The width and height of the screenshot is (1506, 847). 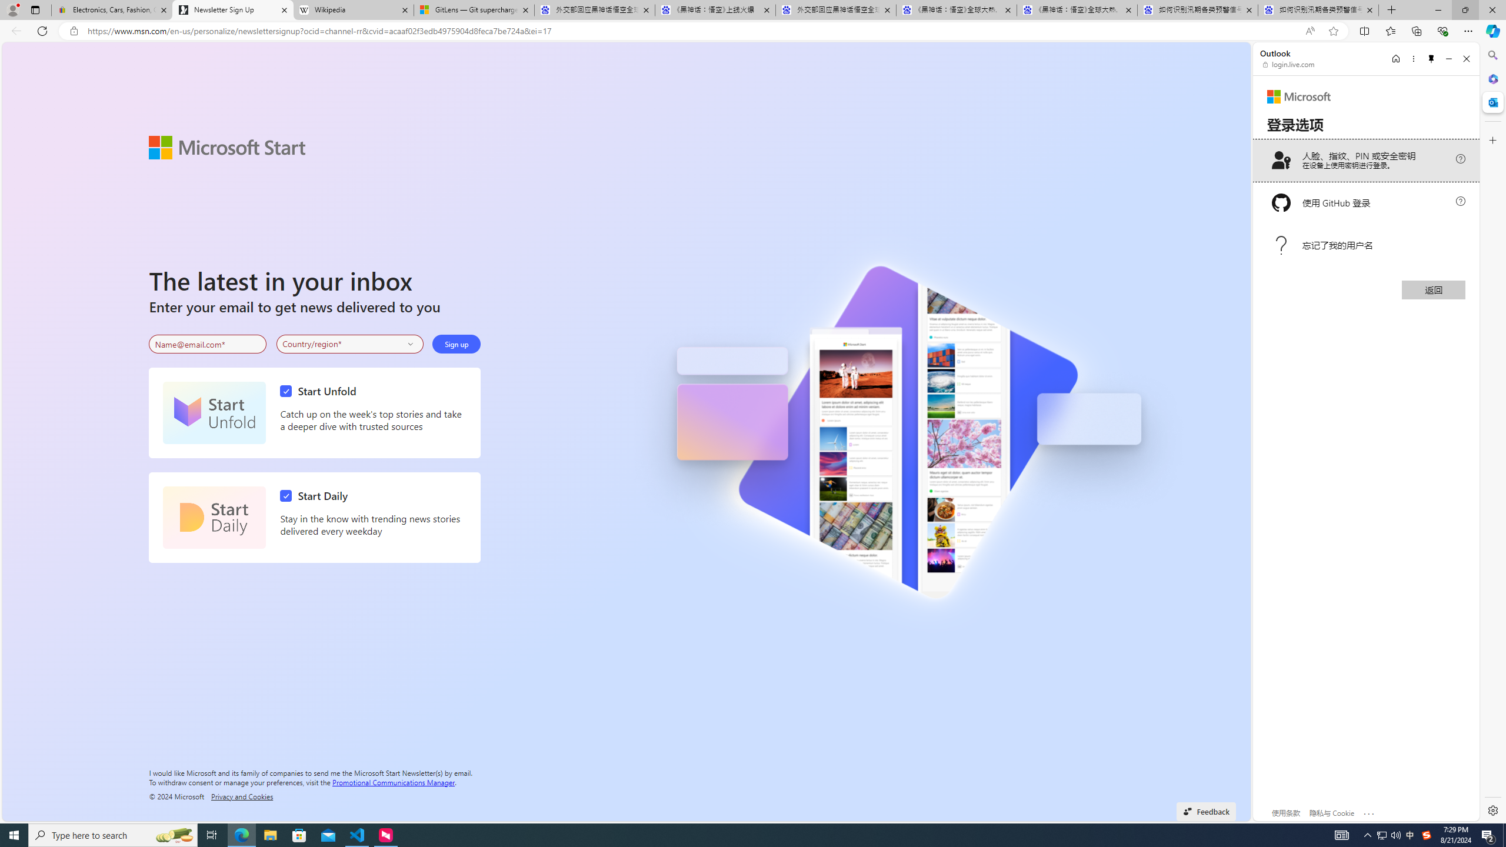 What do you see at coordinates (393, 781) in the screenshot?
I see `'Promotional Communications Manager'` at bounding box center [393, 781].